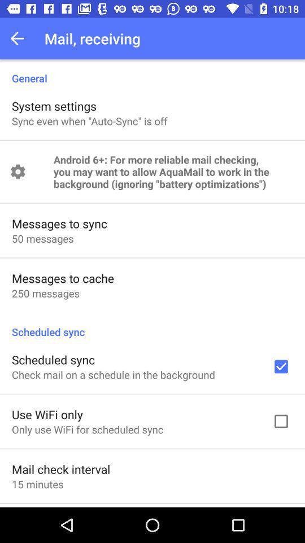 The width and height of the screenshot is (305, 543). Describe the element at coordinates (42, 238) in the screenshot. I see `the 50 messages` at that location.